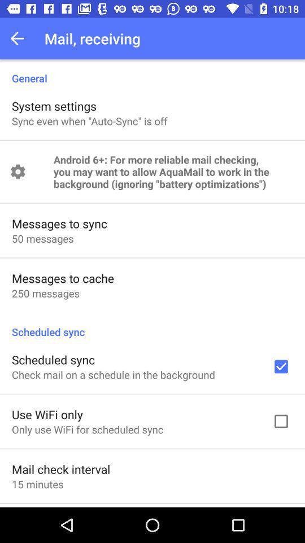 The width and height of the screenshot is (305, 543). Describe the element at coordinates (42, 238) in the screenshot. I see `the 50 messages` at that location.